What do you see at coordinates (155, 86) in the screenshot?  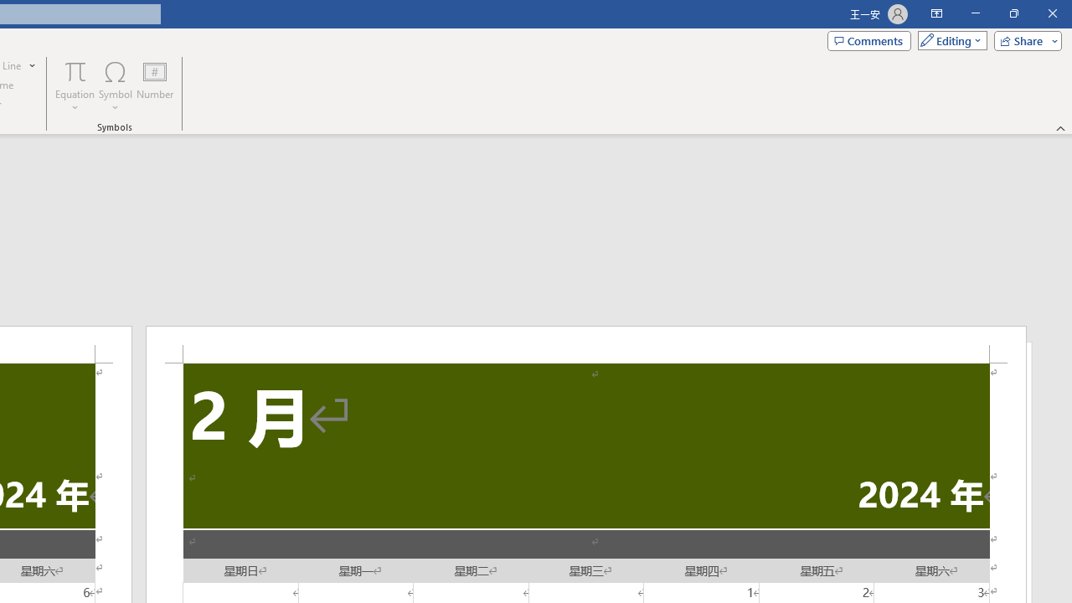 I see `'Number...'` at bounding box center [155, 86].